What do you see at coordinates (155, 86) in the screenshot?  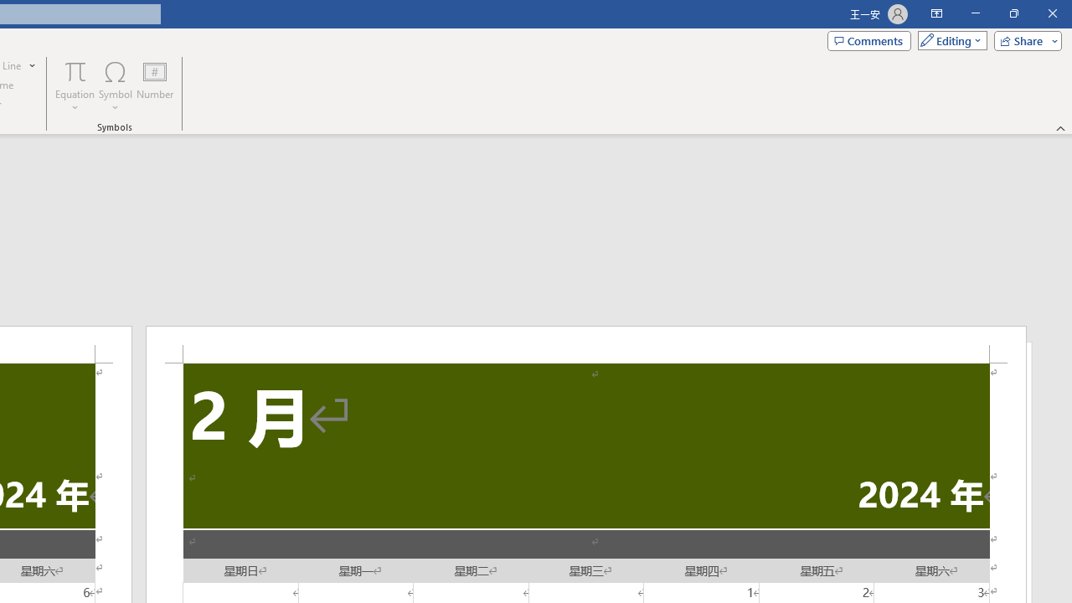 I see `'Number...'` at bounding box center [155, 86].